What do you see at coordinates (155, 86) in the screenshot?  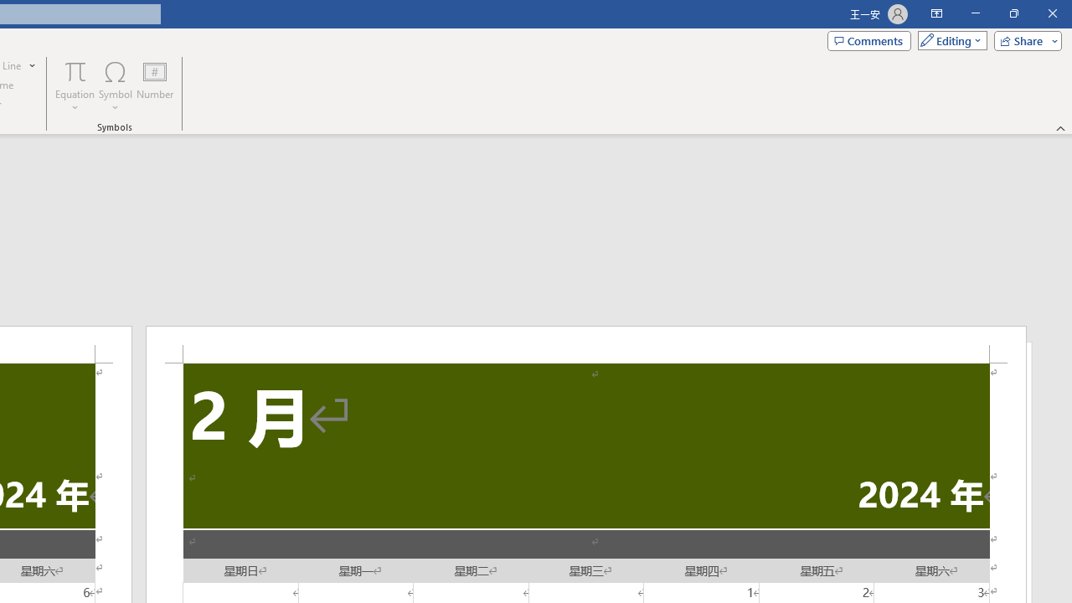 I see `'Number...'` at bounding box center [155, 86].